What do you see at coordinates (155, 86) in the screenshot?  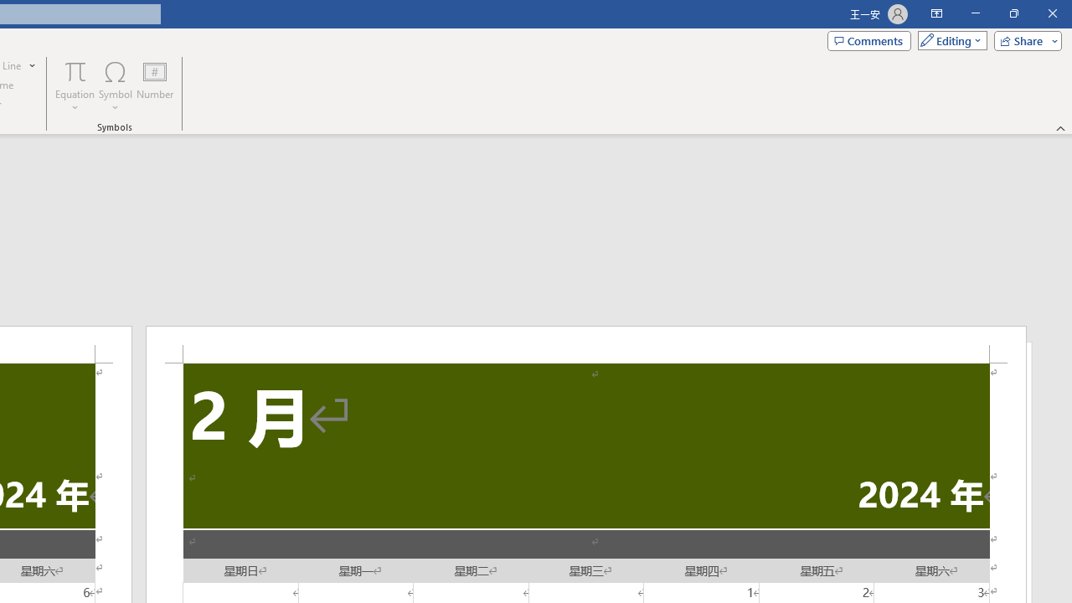 I see `'Number...'` at bounding box center [155, 86].